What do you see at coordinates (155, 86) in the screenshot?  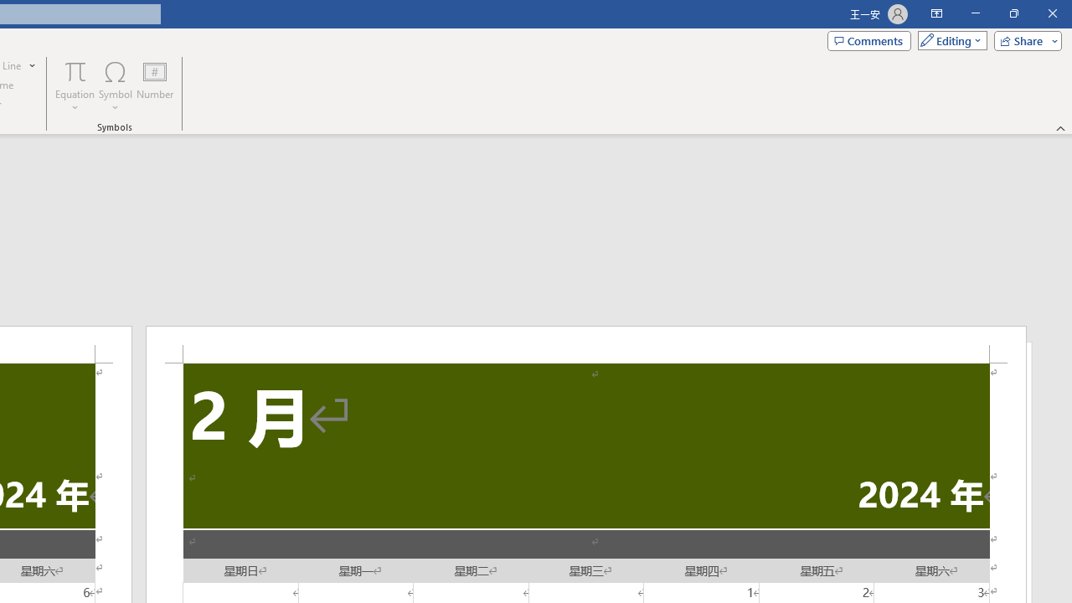 I see `'Number...'` at bounding box center [155, 86].